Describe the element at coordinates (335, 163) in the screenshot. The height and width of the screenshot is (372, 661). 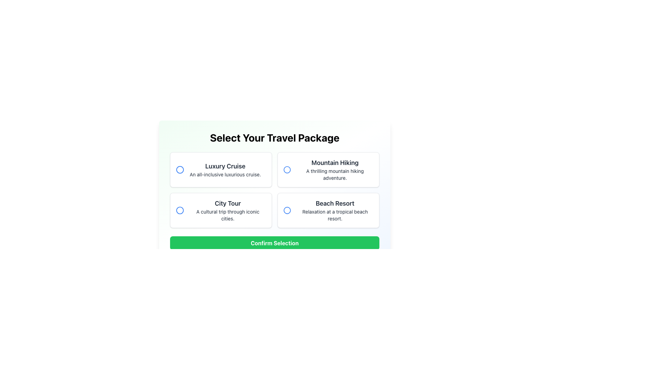
I see `text label 'Mountain Hiking' located at the top of the selection box in the upper-right section of the travel package options grid` at that location.